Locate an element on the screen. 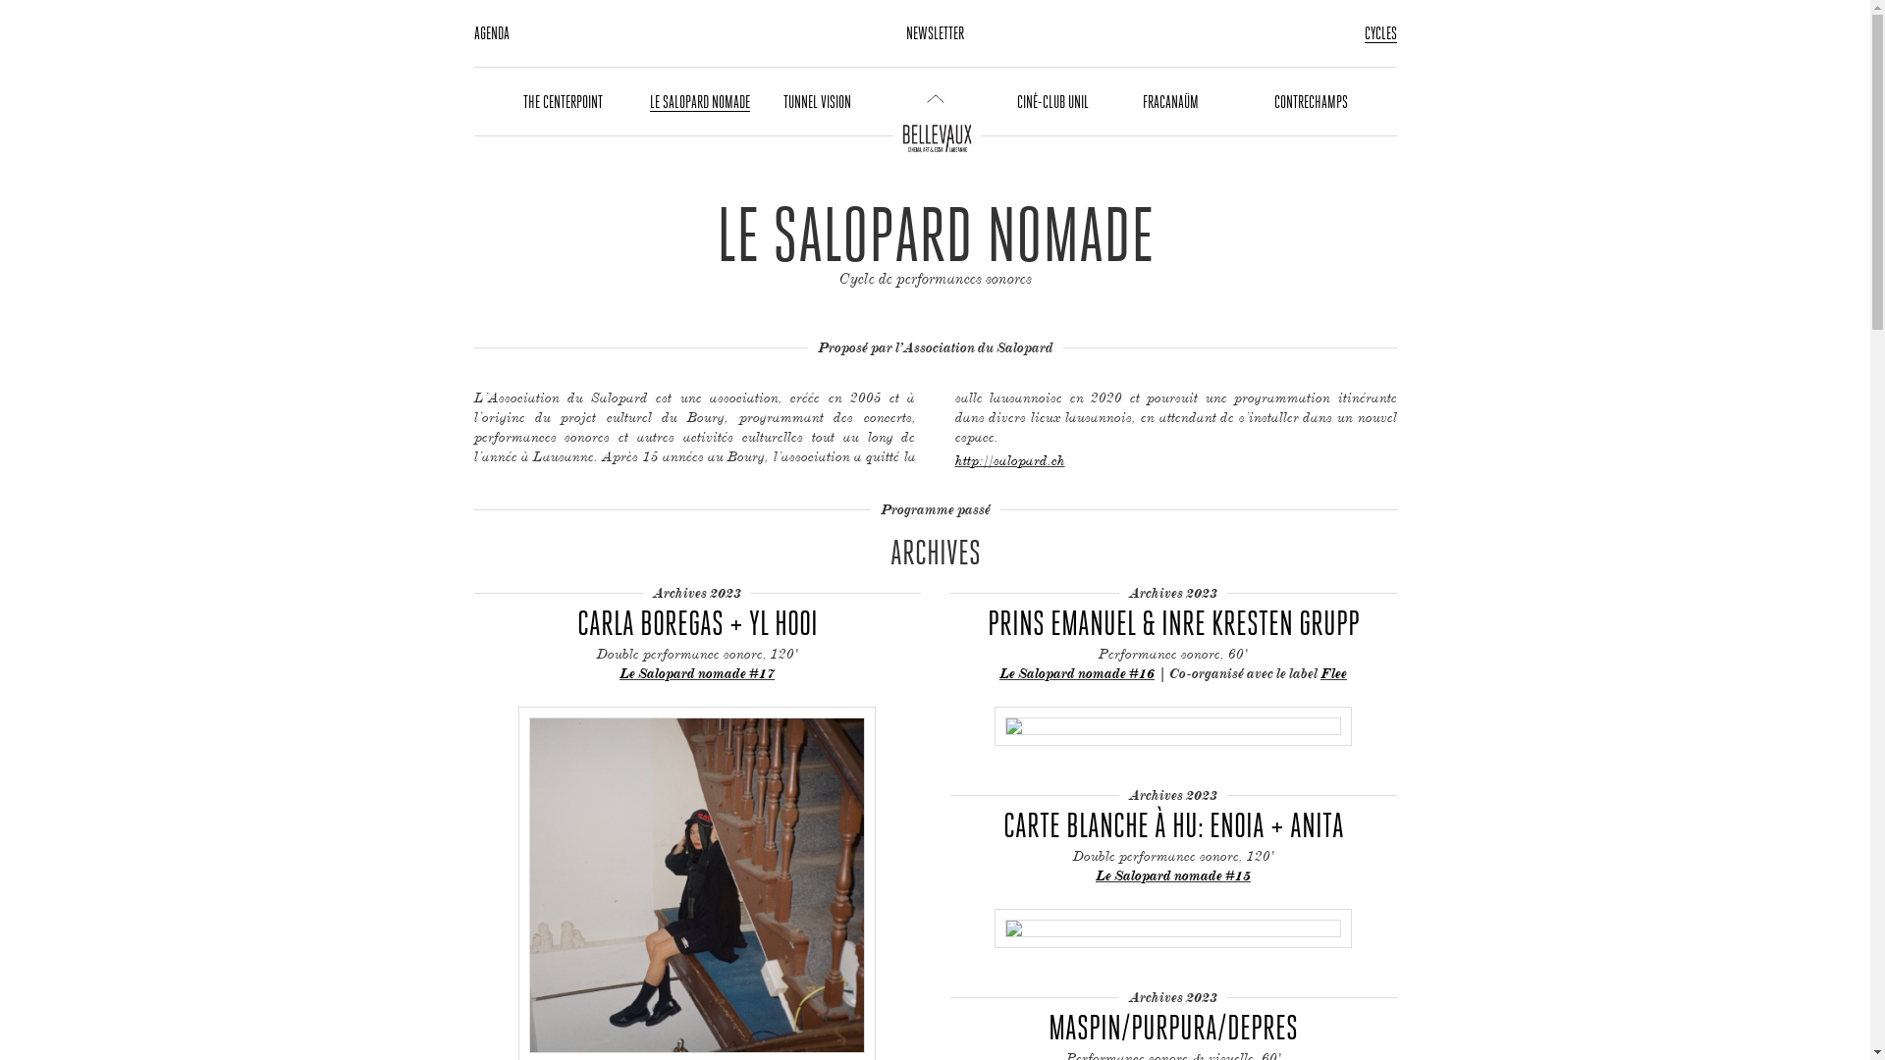 The height and width of the screenshot is (1060, 1885). 'NEWSLETTER' is located at coordinates (904, 32).